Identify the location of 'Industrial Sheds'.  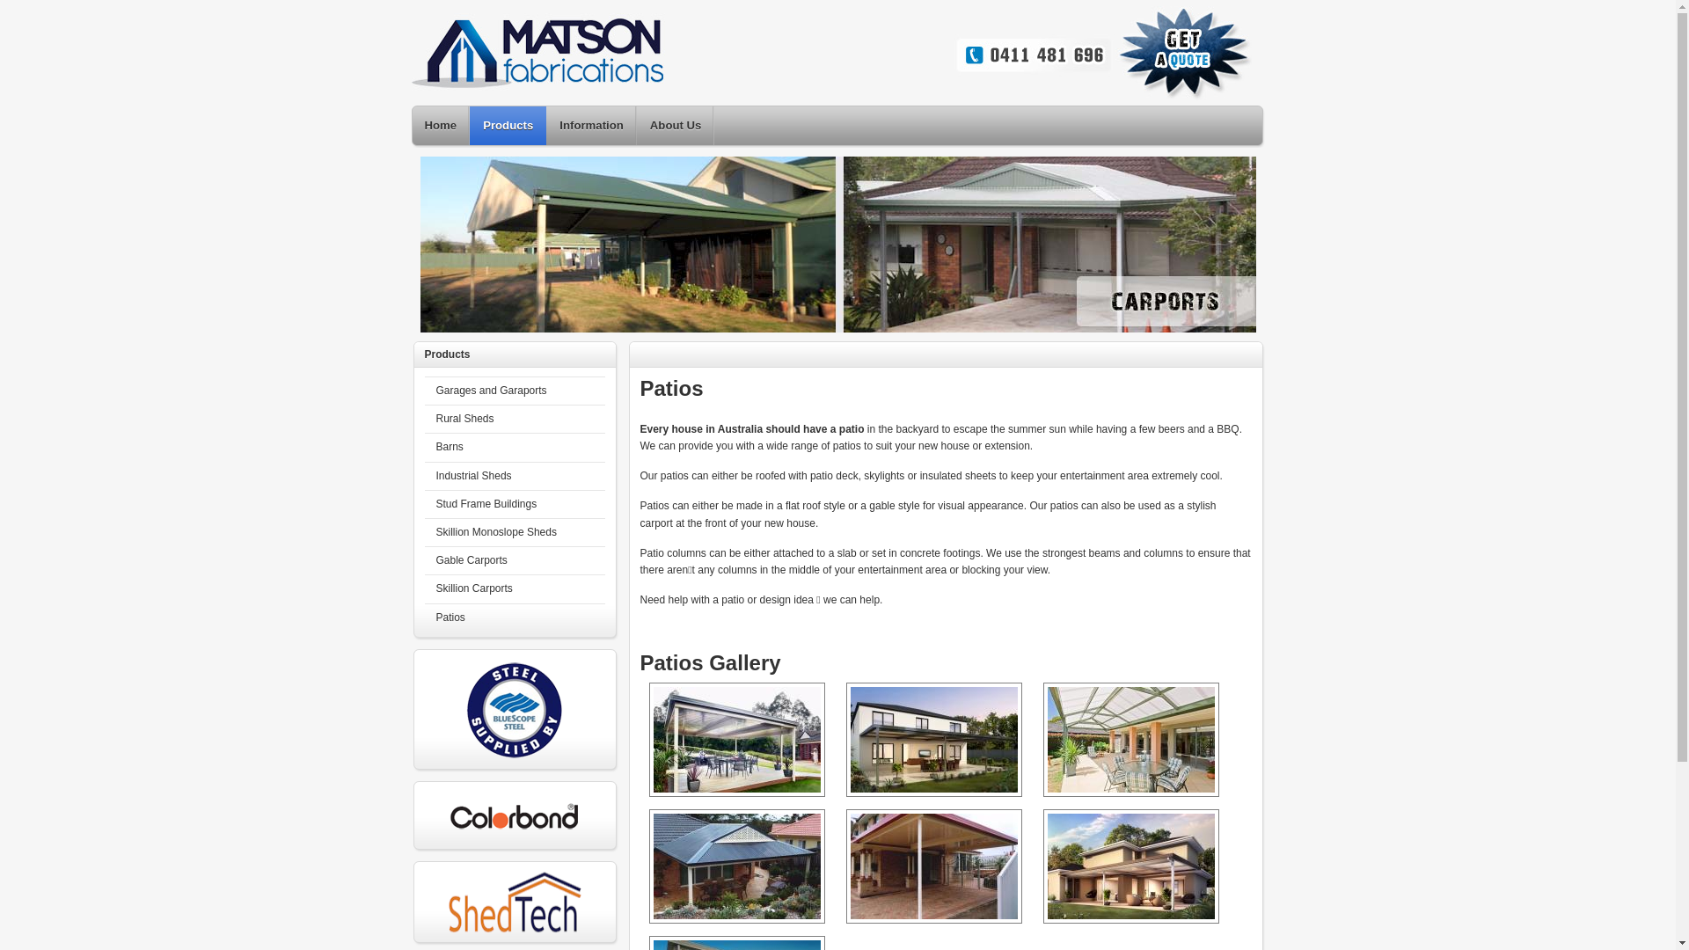
(513, 476).